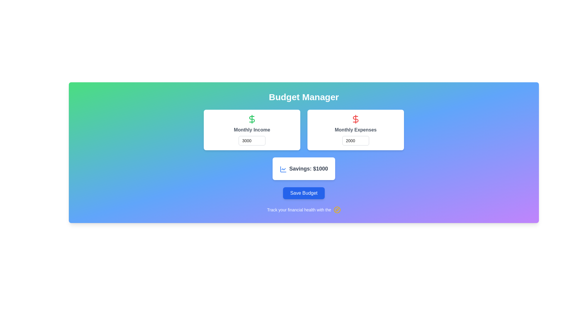  Describe the element at coordinates (252, 129) in the screenshot. I see `the 'Monthly Income' label, which is styled in gray and bold, located below a green dollar sign icon and above a numeric input box` at that location.